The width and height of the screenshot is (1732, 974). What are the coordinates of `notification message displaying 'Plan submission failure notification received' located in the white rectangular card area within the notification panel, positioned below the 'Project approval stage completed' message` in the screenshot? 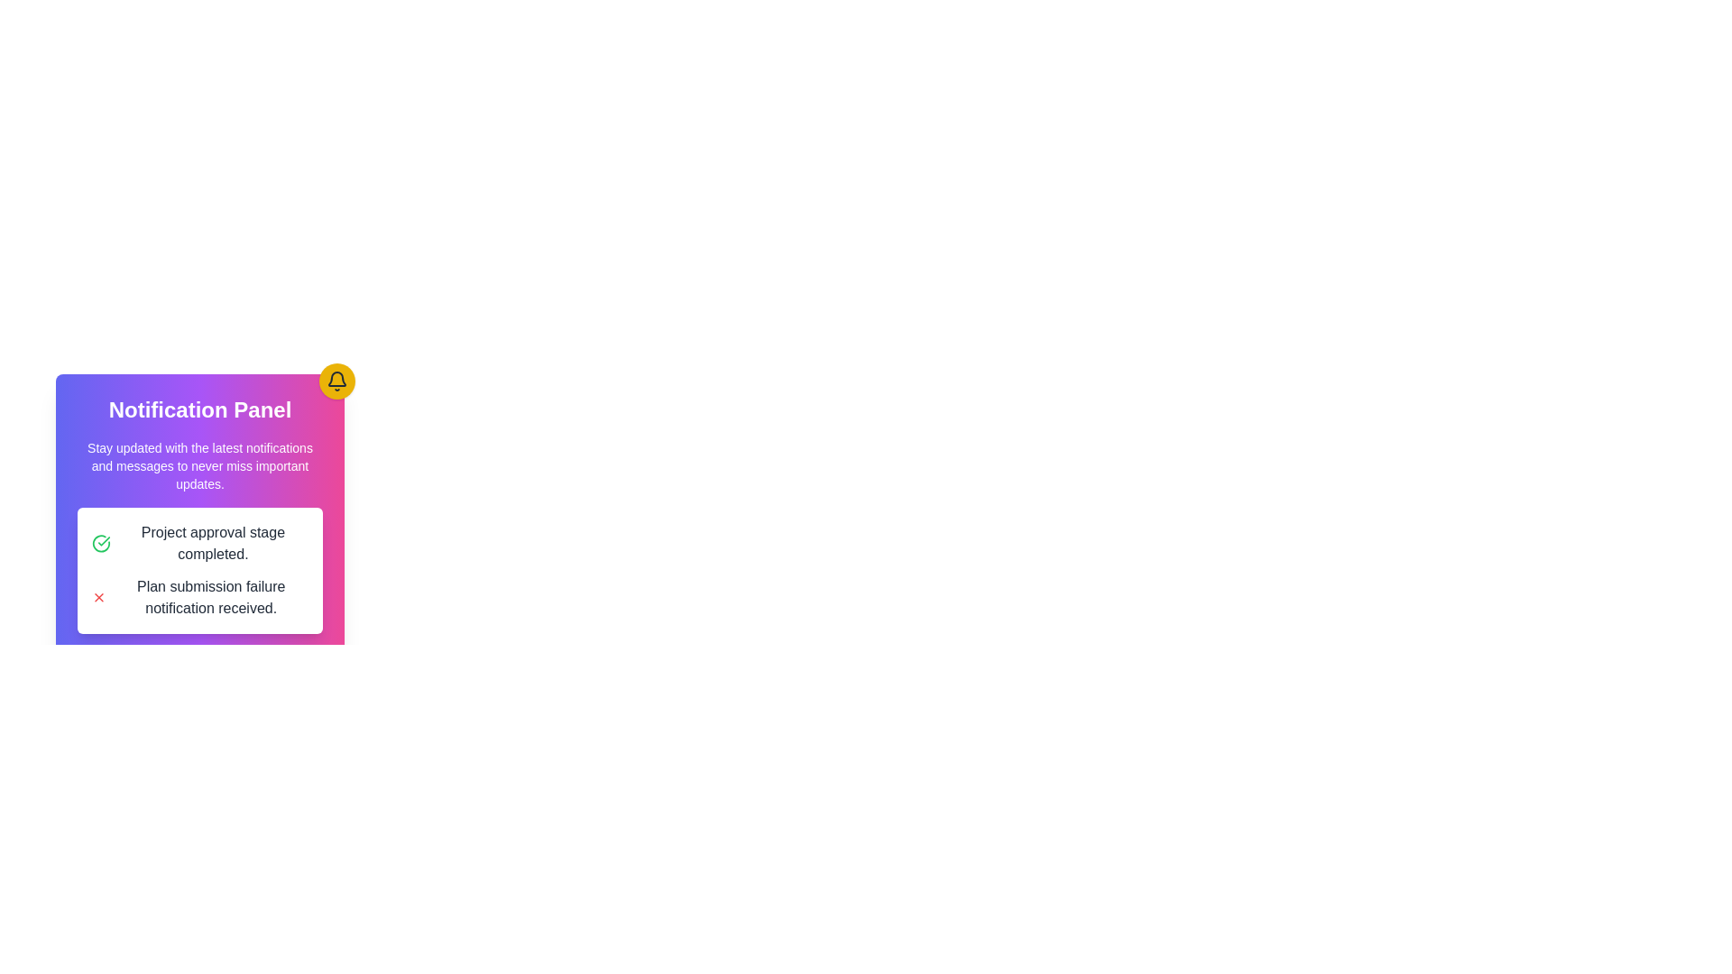 It's located at (199, 598).